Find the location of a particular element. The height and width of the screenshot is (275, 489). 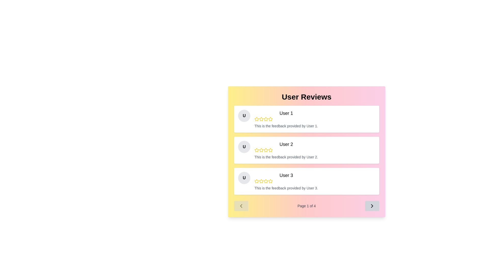

the yellow star icon with a hollow center, which is the second star in a row of five stars within the user review component for 'User 2', to rate it is located at coordinates (261, 150).